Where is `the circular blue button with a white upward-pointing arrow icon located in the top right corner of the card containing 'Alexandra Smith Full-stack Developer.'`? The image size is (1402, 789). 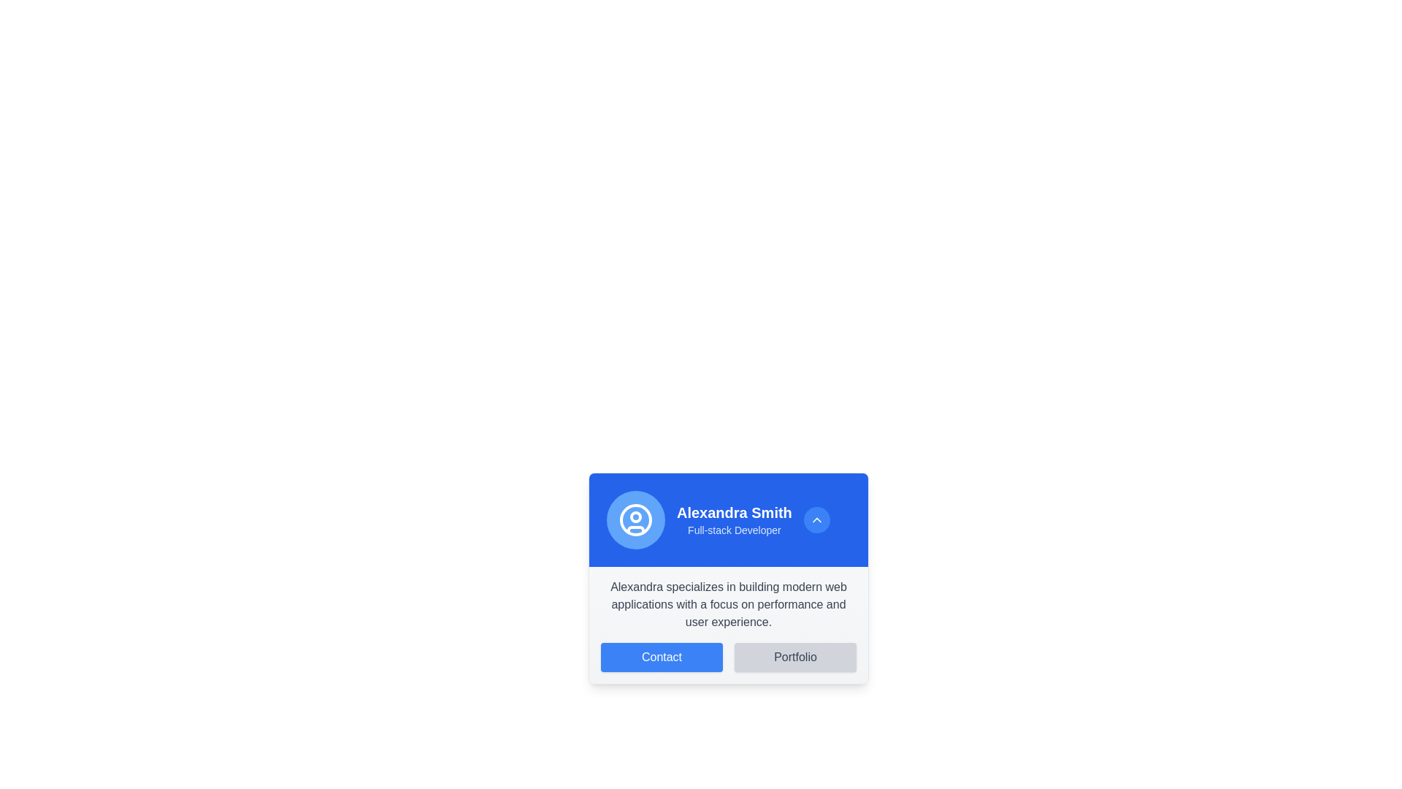 the circular blue button with a white upward-pointing arrow icon located in the top right corner of the card containing 'Alexandra Smith Full-stack Developer.' is located at coordinates (816, 519).